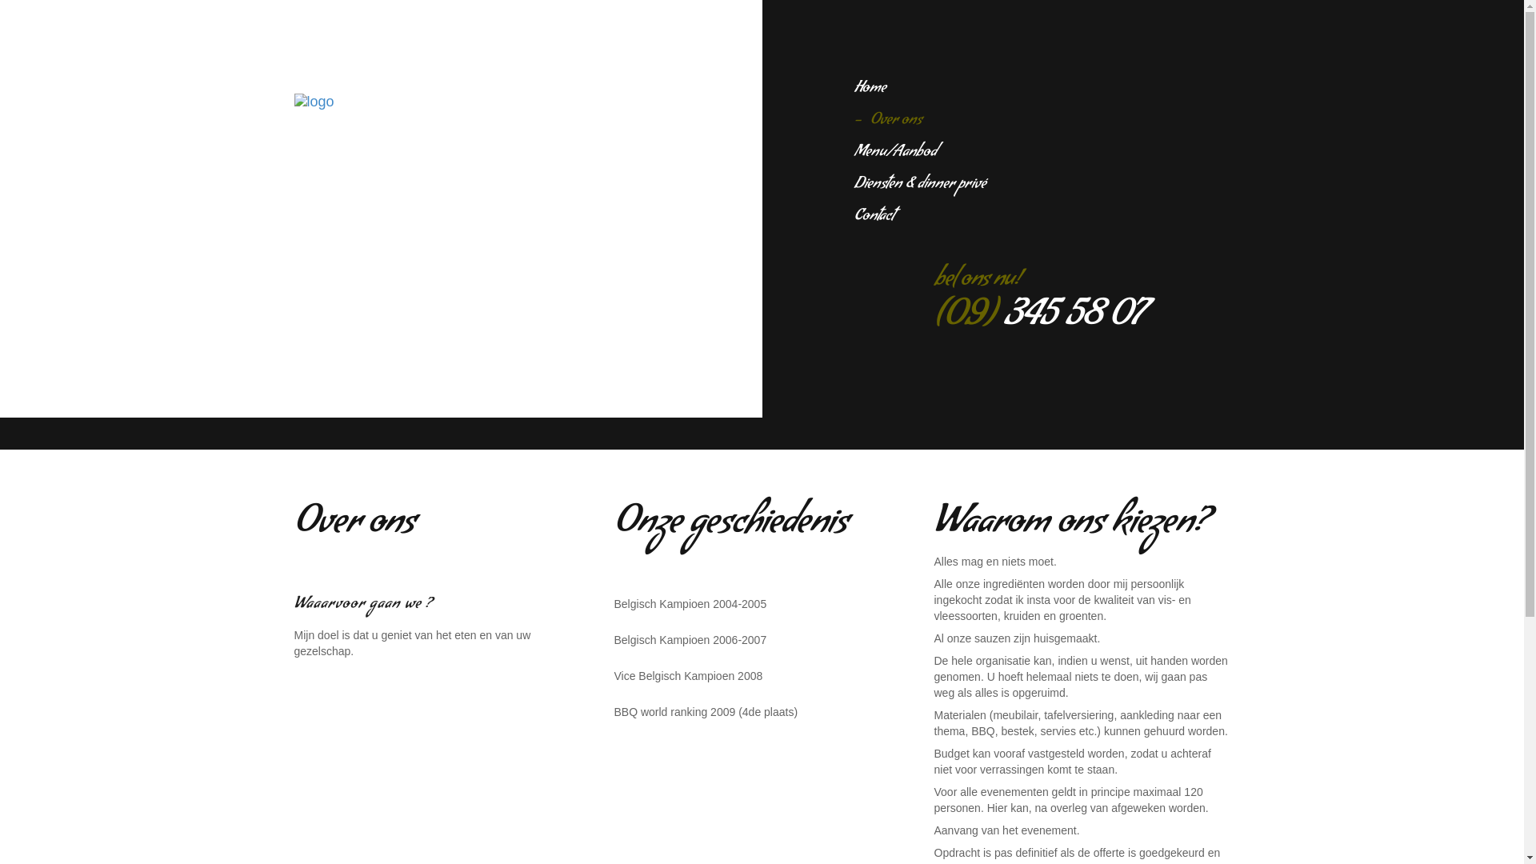  Describe the element at coordinates (894, 153) in the screenshot. I see `'Menu/Aanbod'` at that location.